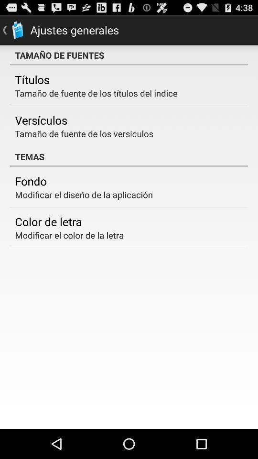 Image resolution: width=258 pixels, height=459 pixels. Describe the element at coordinates (129, 156) in the screenshot. I see `temas app` at that location.